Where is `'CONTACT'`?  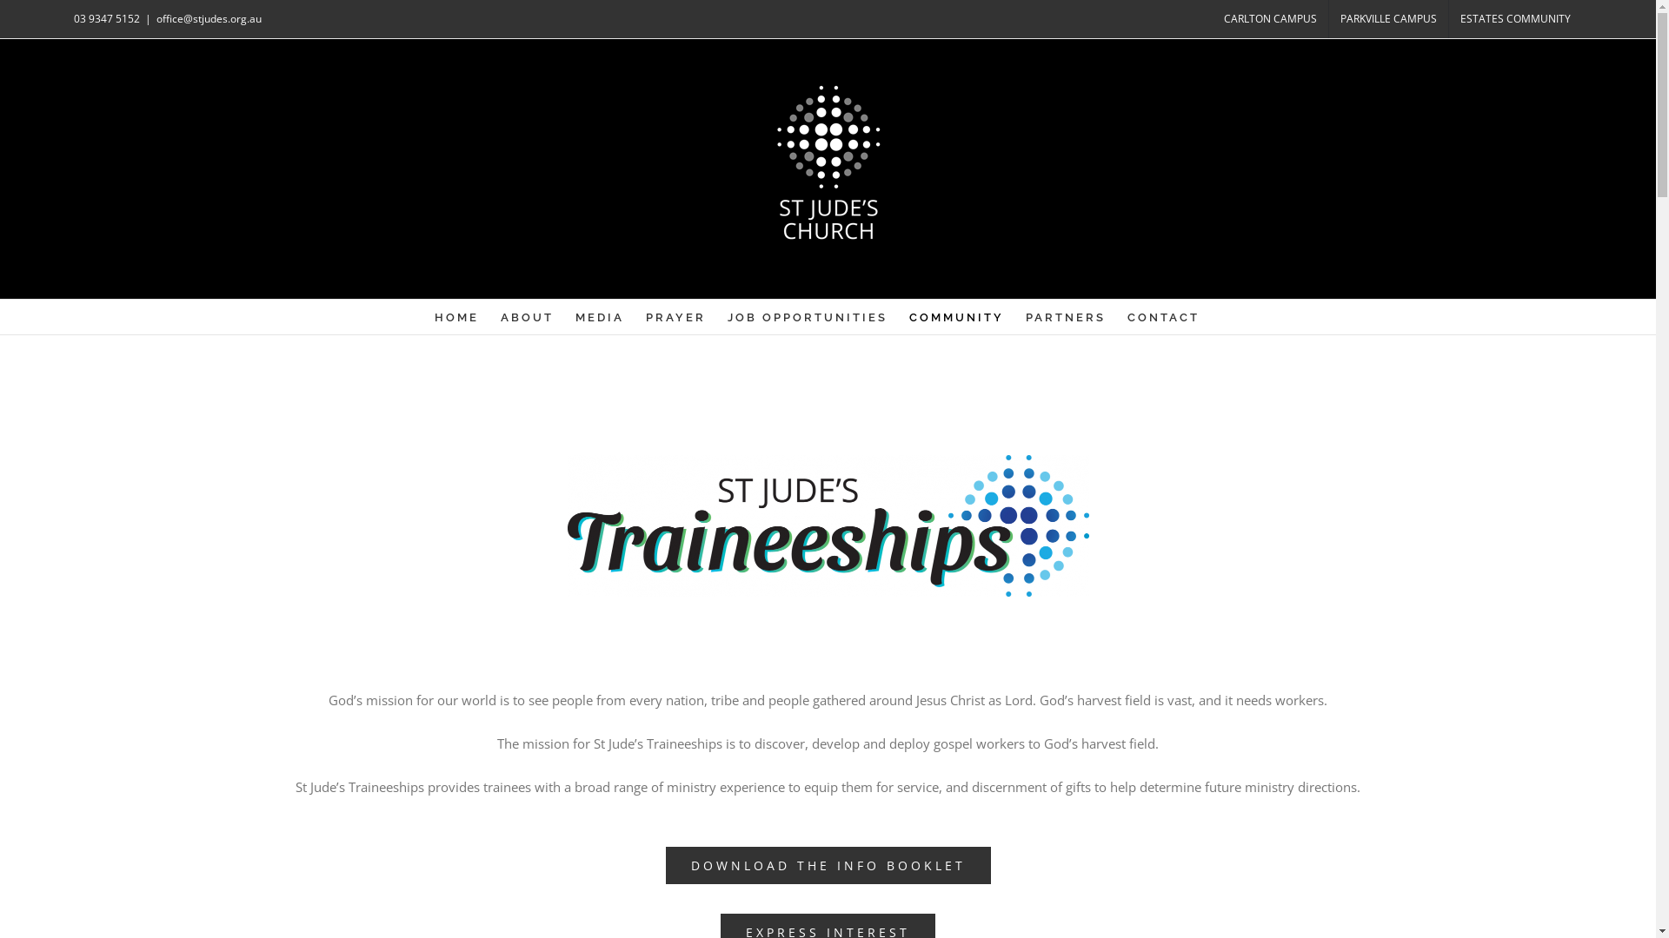 'CONTACT' is located at coordinates (1127, 317).